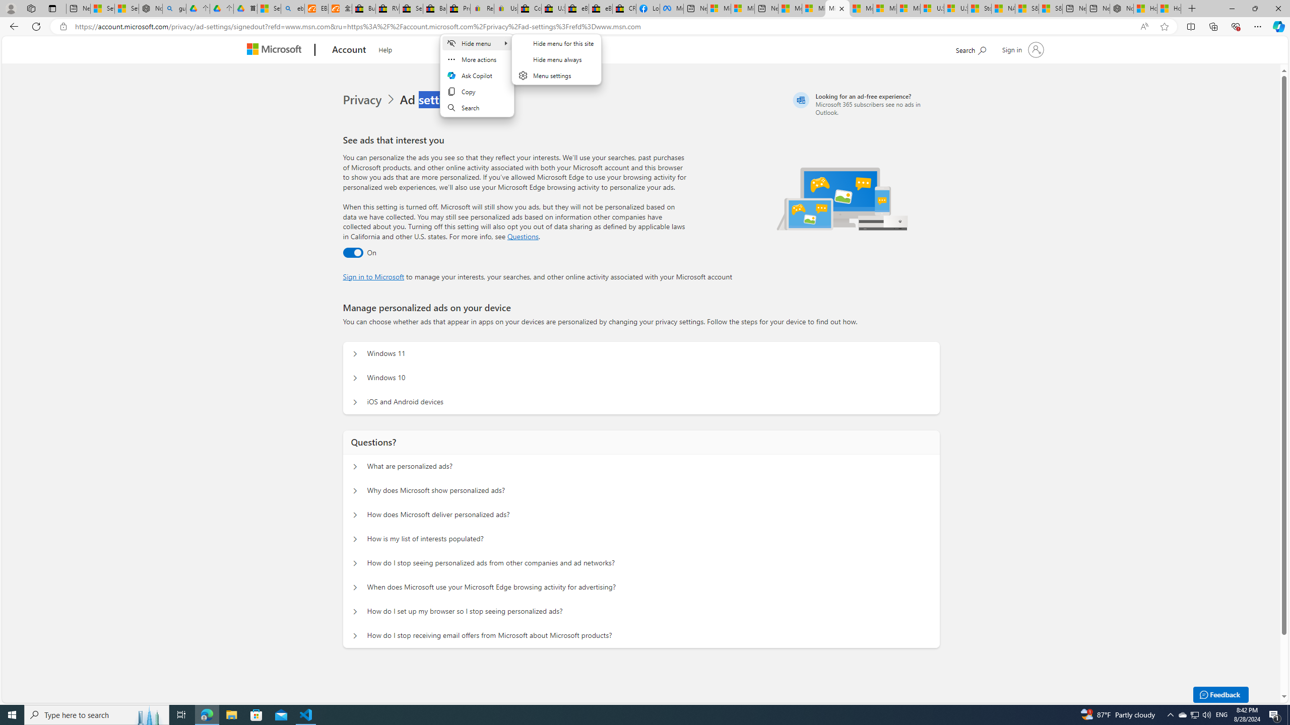 Image resolution: width=1290 pixels, height=725 pixels. What do you see at coordinates (1231, 8) in the screenshot?
I see `'Minimize'` at bounding box center [1231, 8].